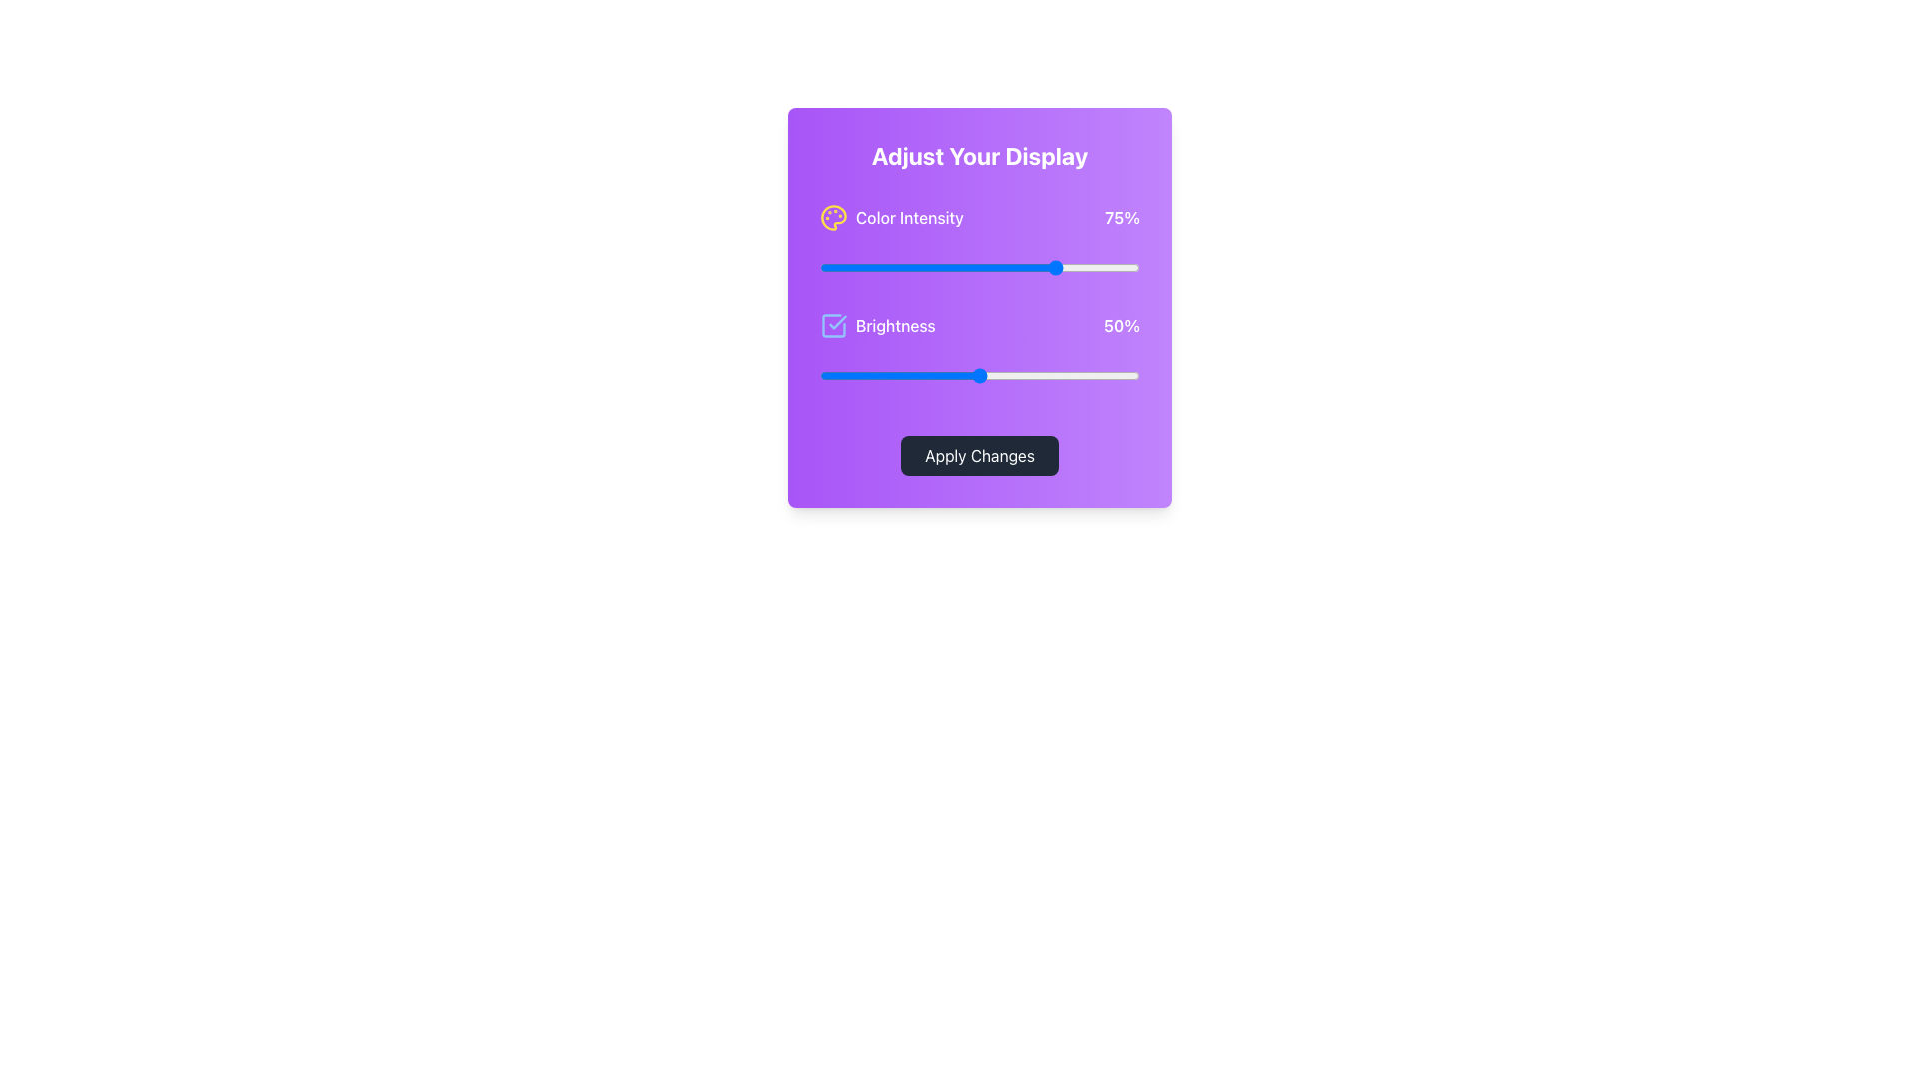  Describe the element at coordinates (1011, 375) in the screenshot. I see `the Brightness slider` at that location.